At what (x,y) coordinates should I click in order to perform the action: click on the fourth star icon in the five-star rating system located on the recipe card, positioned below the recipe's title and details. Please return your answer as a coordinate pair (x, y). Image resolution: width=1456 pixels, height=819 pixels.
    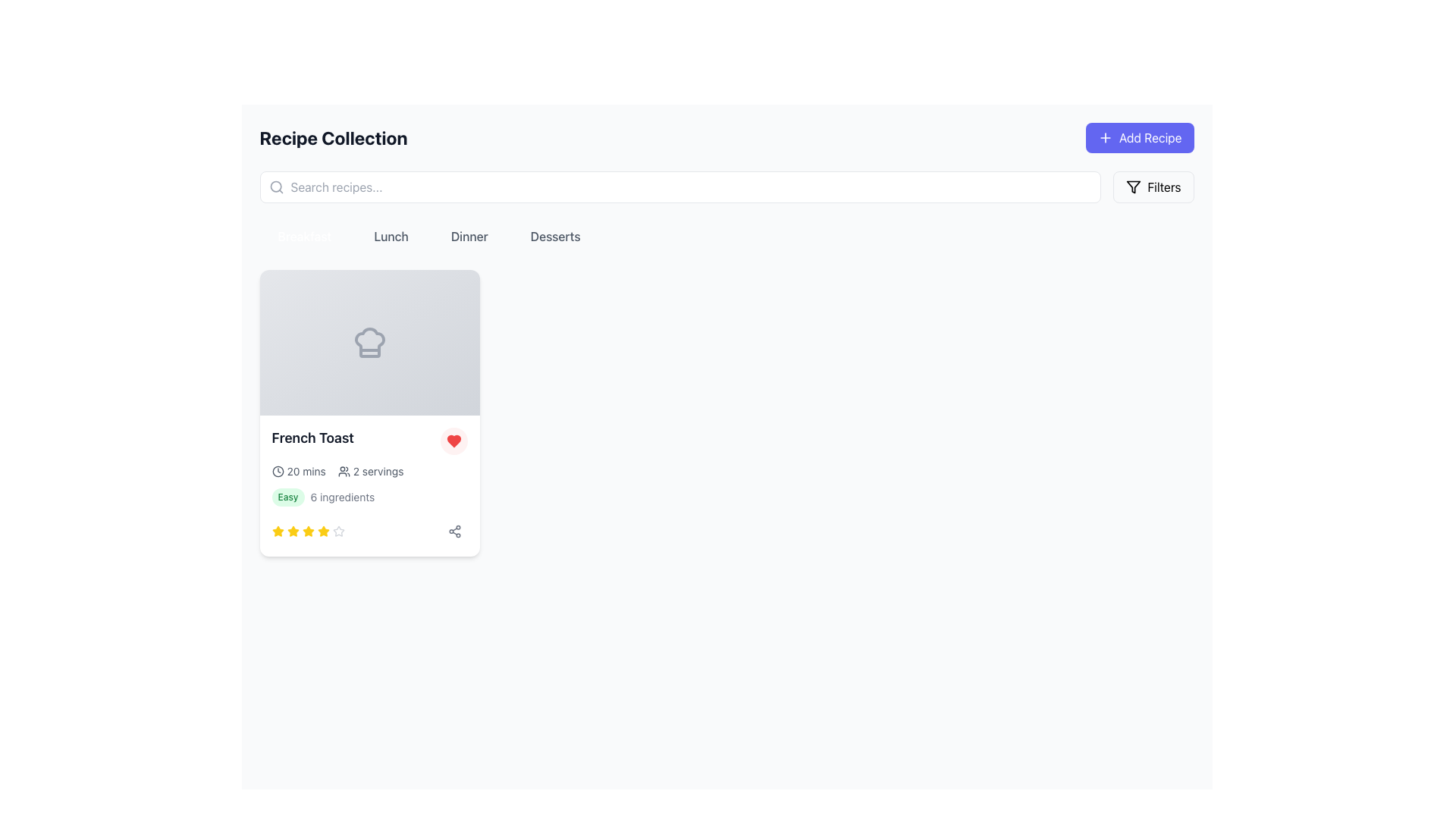
    Looking at the image, I should click on (307, 531).